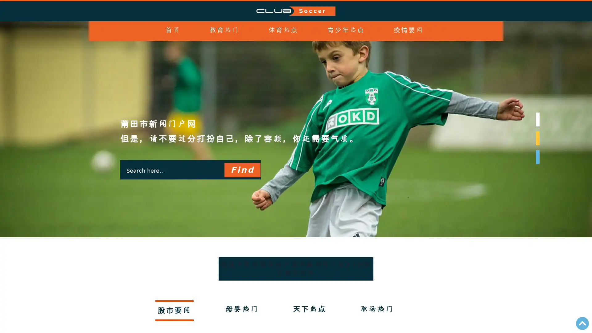 The height and width of the screenshot is (333, 592). I want to click on Find, so click(242, 170).